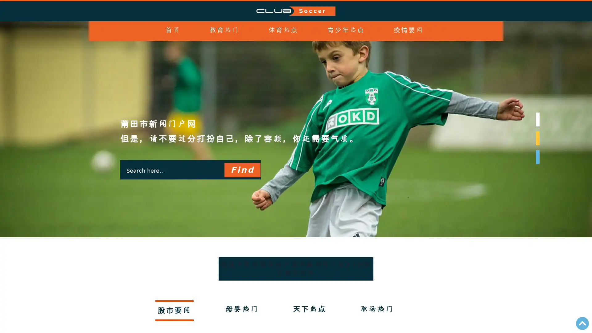 The height and width of the screenshot is (333, 592). I want to click on Find, so click(242, 170).